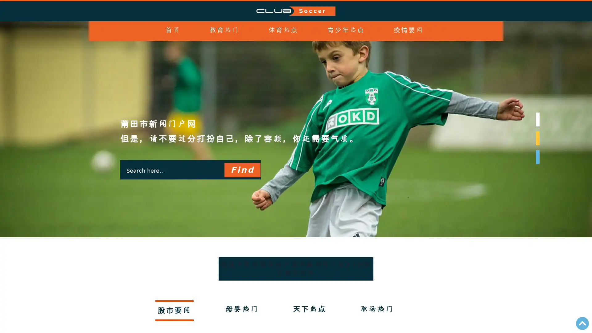 The height and width of the screenshot is (333, 592). I want to click on Find, so click(242, 170).